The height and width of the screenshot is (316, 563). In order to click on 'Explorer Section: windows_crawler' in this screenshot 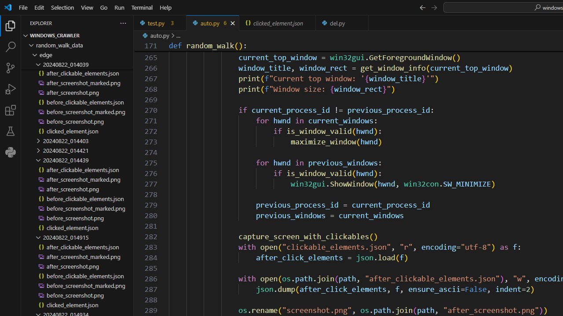, I will do `click(77, 35)`.